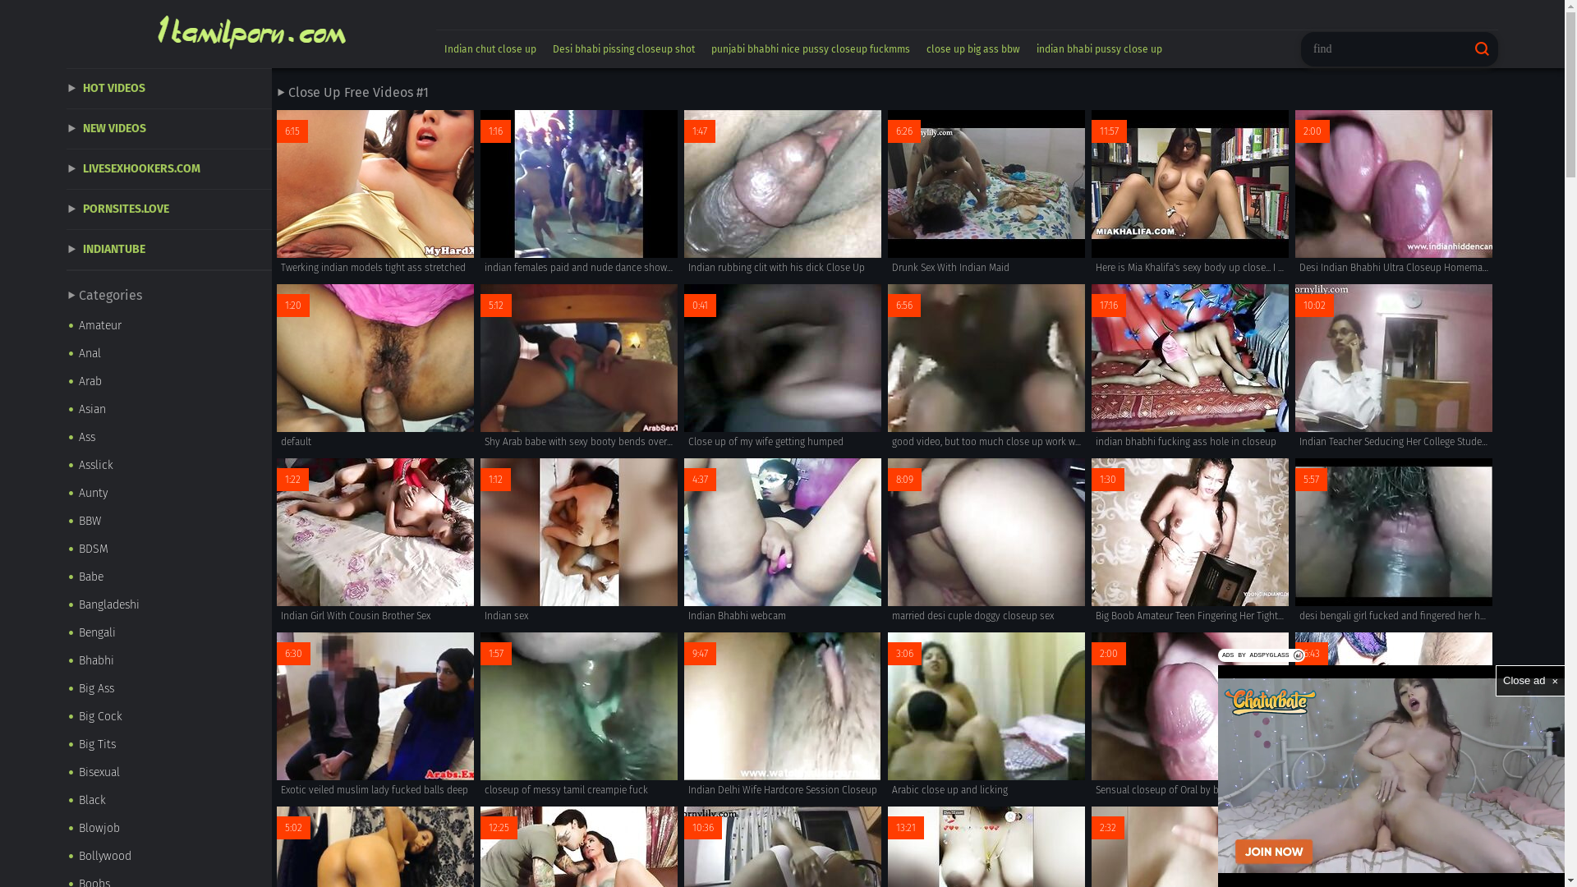 The image size is (1577, 887). What do you see at coordinates (623, 48) in the screenshot?
I see `'Desi bhabi pissing closeup shot'` at bounding box center [623, 48].